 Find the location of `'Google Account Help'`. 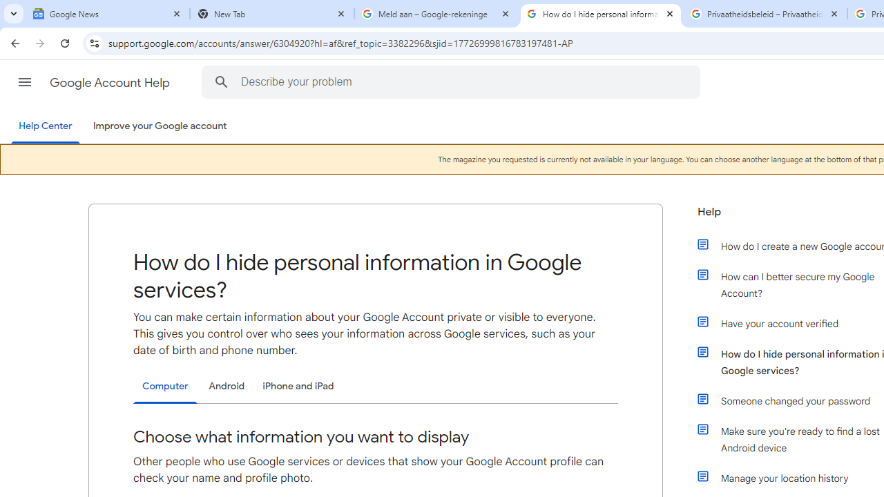

'Google Account Help' is located at coordinates (110, 82).